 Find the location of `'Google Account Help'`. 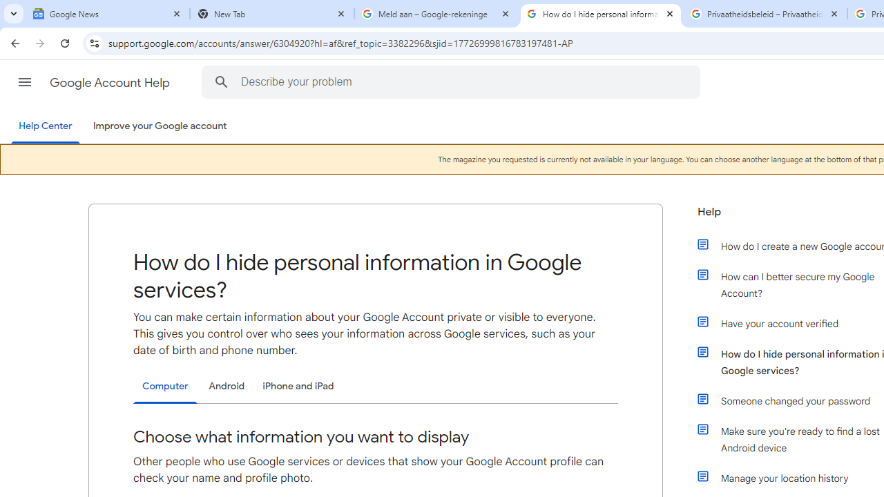

'Google Account Help' is located at coordinates (110, 82).